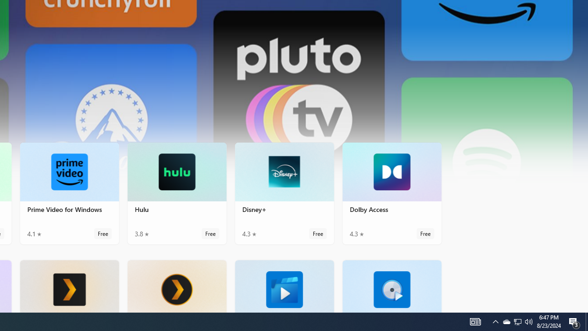 The height and width of the screenshot is (331, 588). Describe the element at coordinates (177, 193) in the screenshot. I see `'Hulu. Average rating of 3.8 out of five stars. Free  '` at that location.